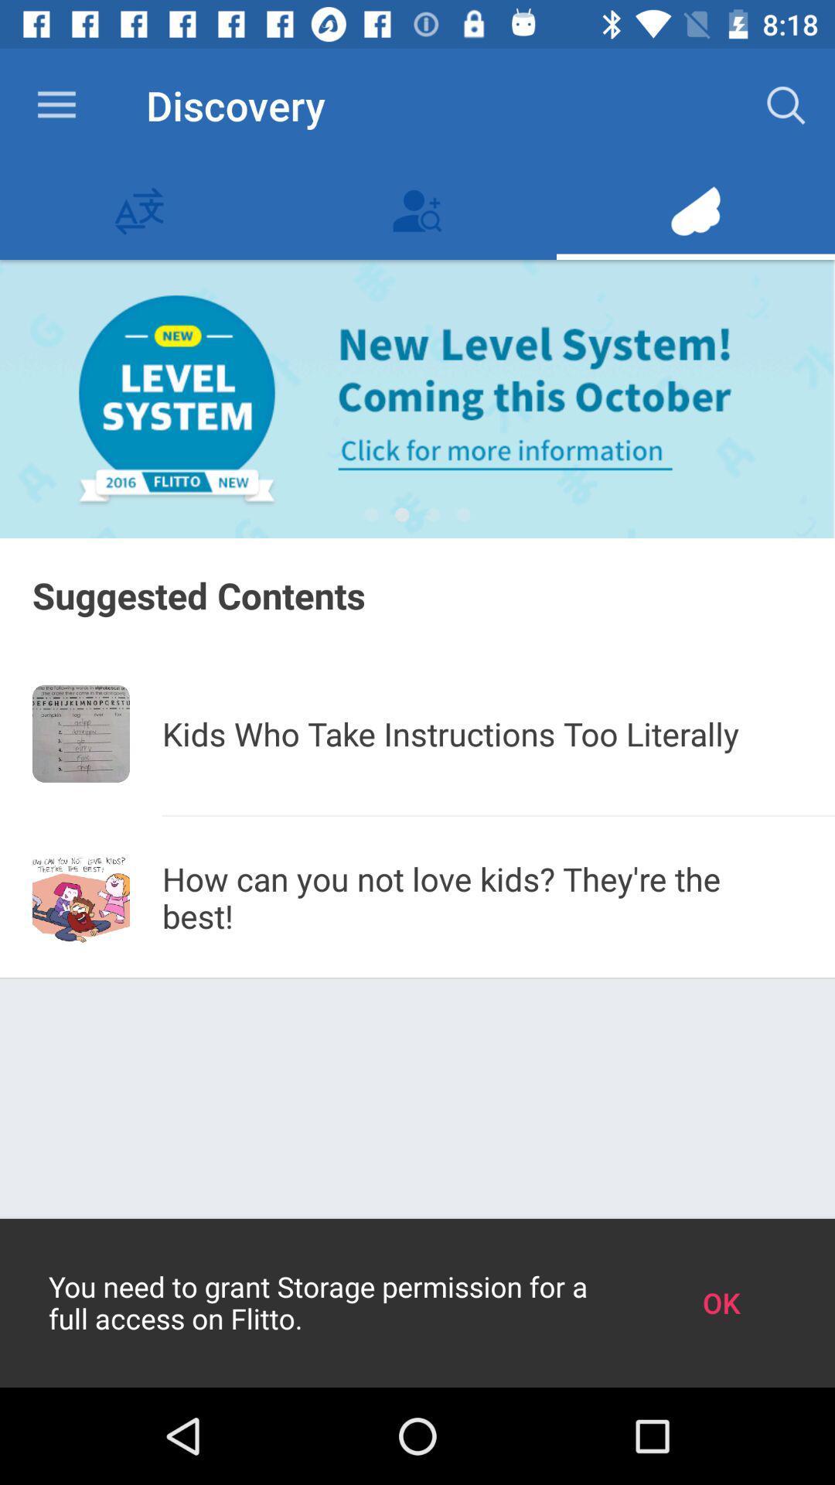  I want to click on how can you item, so click(482, 898).